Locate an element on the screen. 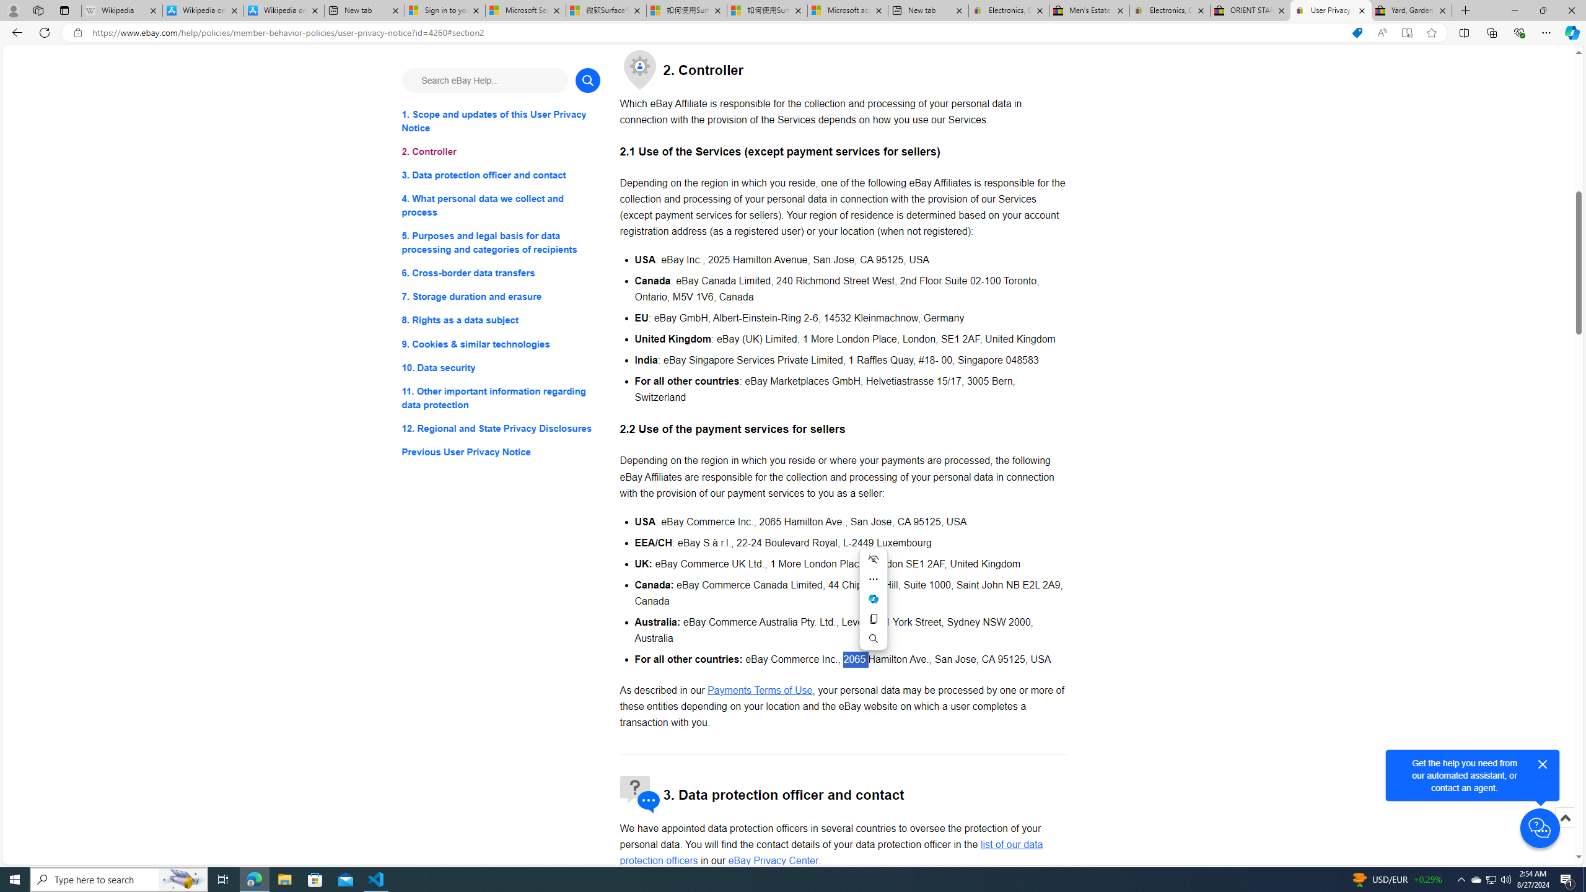 Image resolution: width=1586 pixels, height=892 pixels. 'Mini menu on text selection' is located at coordinates (874, 606).